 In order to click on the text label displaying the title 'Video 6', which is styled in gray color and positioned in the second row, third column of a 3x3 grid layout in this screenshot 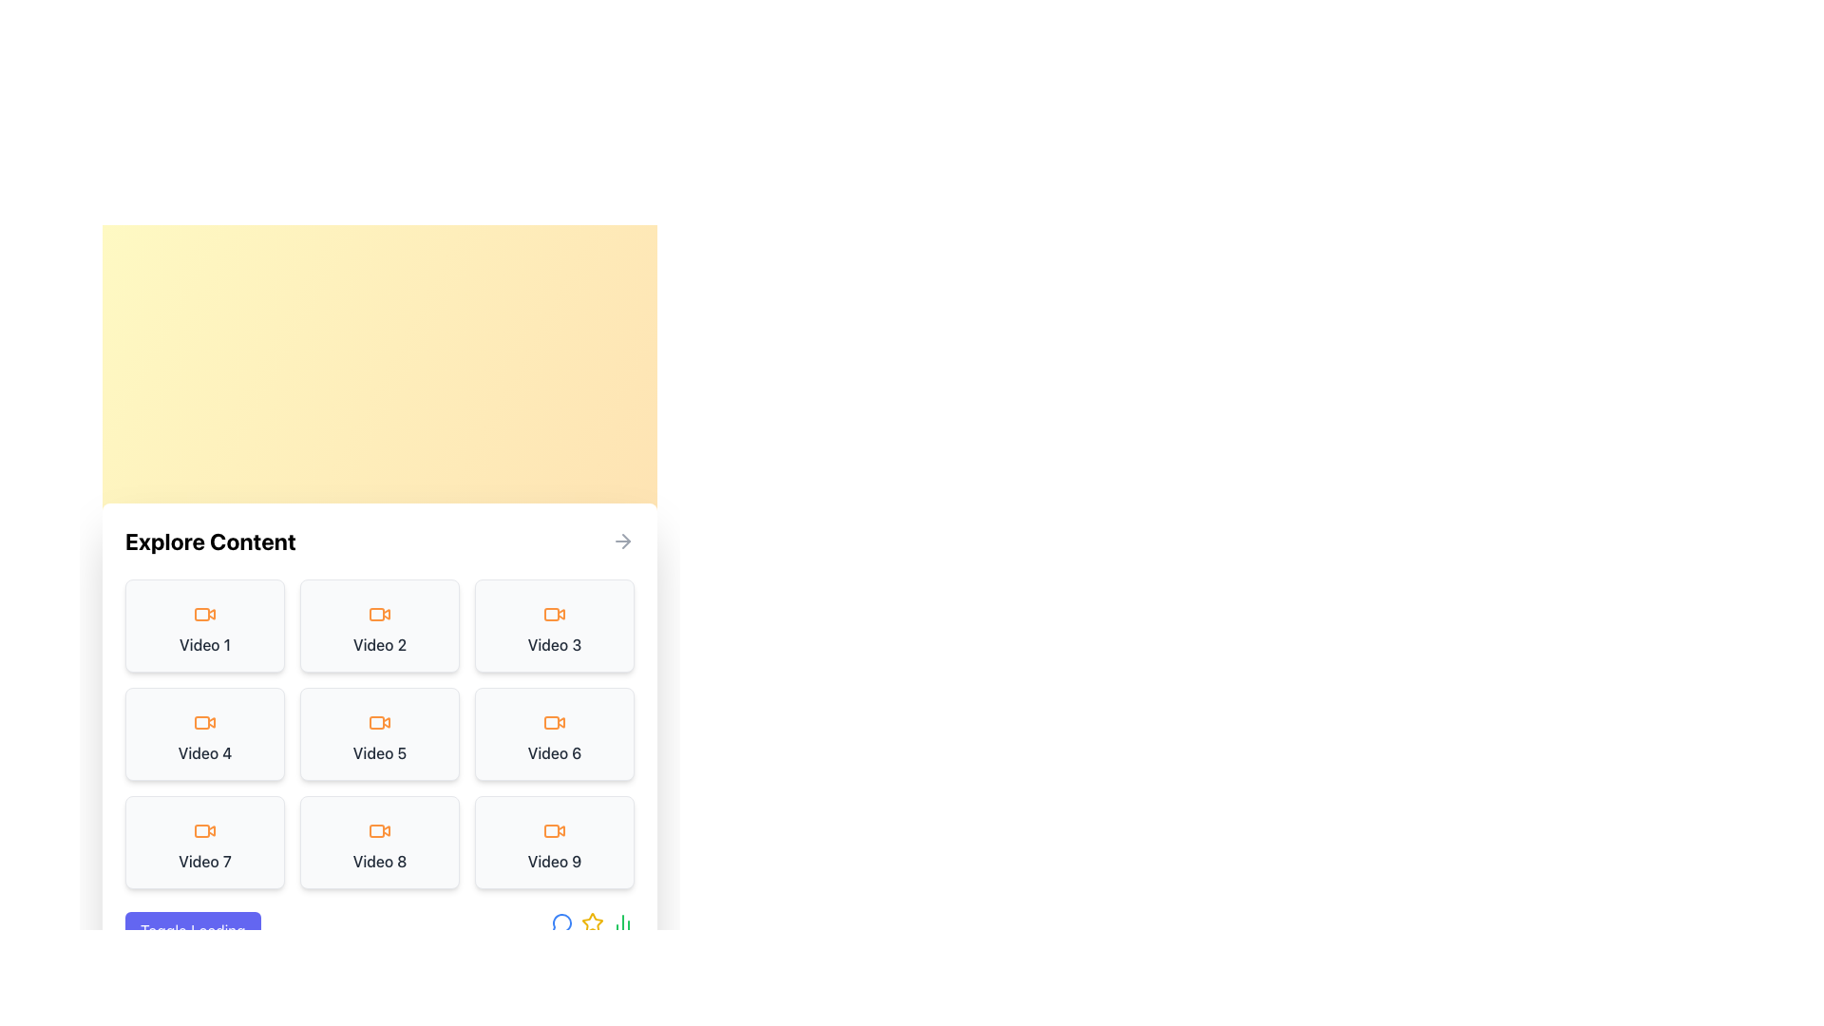, I will do `click(554, 752)`.